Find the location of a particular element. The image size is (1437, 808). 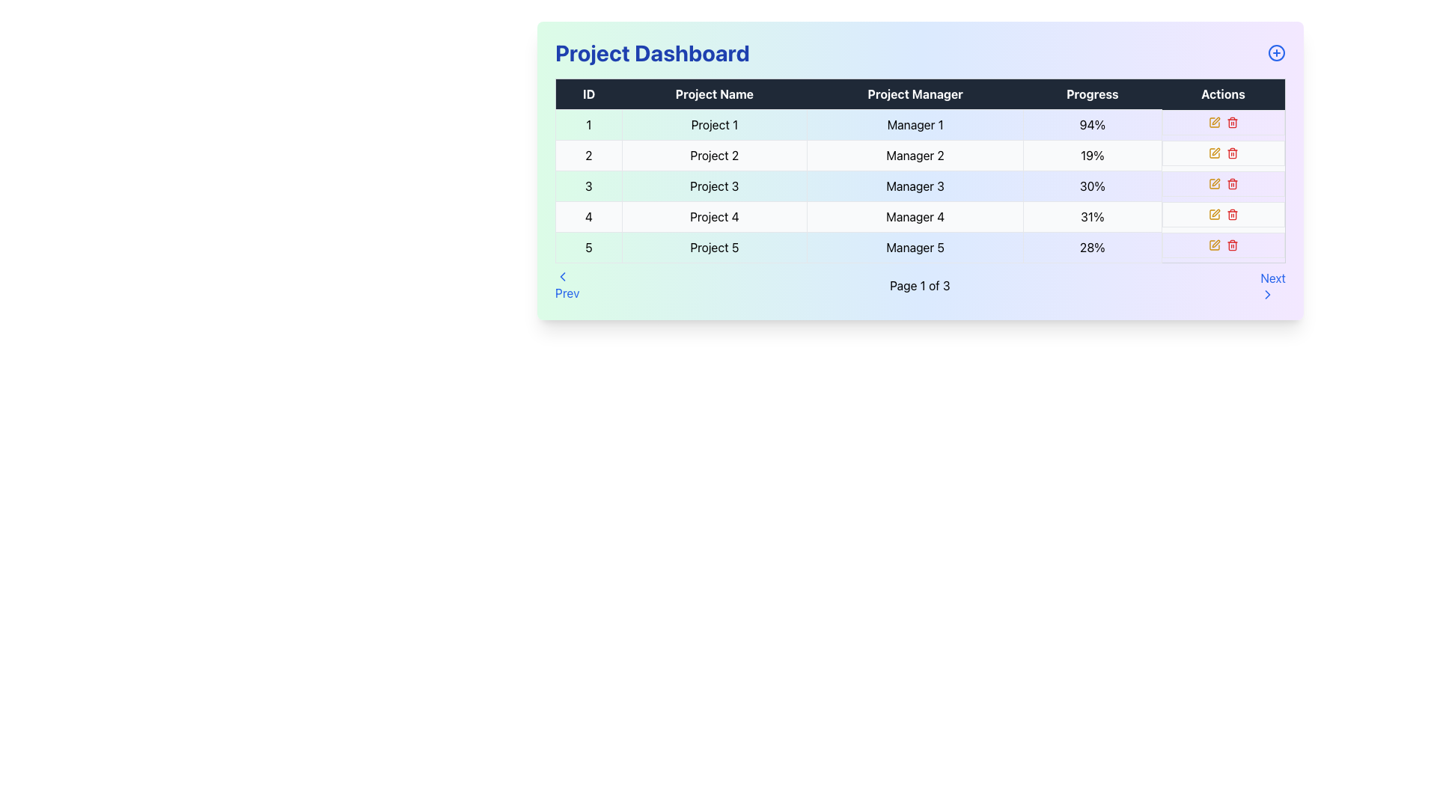

the Text label in the fifth row of the dashboard table that displays the progress percentage of a project is located at coordinates (1092, 247).